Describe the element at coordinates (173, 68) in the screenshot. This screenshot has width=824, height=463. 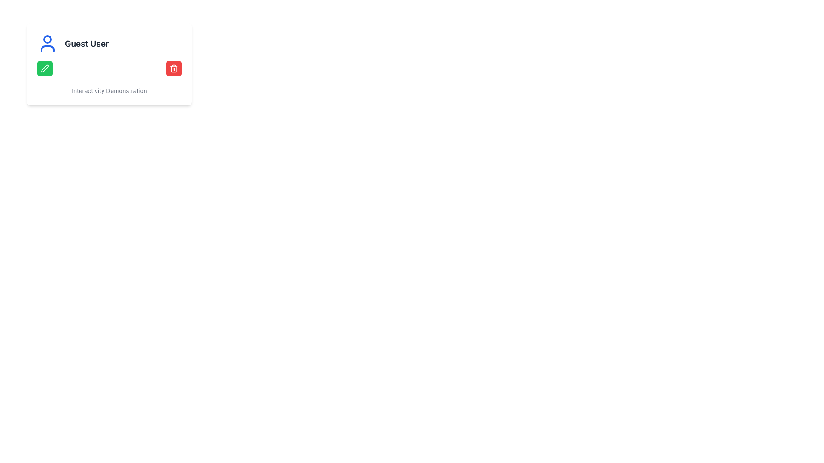
I see `the red button with rounded edges and a trash can icon` at that location.